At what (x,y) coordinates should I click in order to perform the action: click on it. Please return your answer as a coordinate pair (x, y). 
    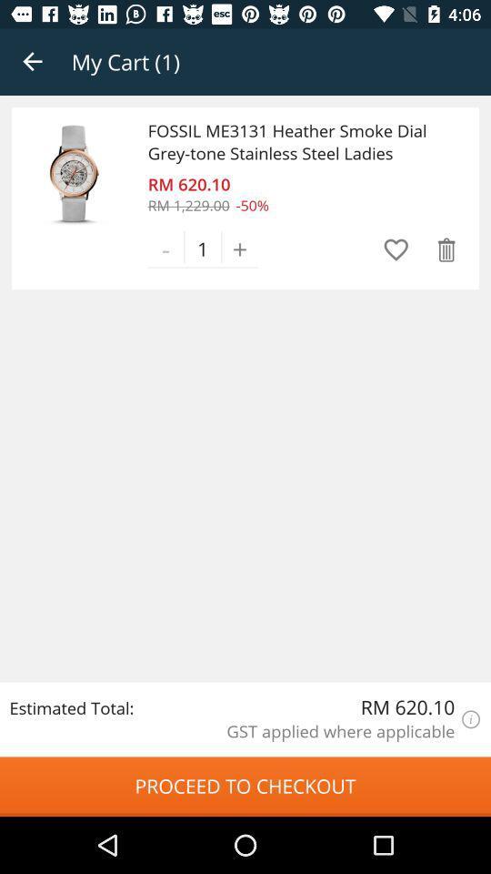
    Looking at the image, I should click on (395, 249).